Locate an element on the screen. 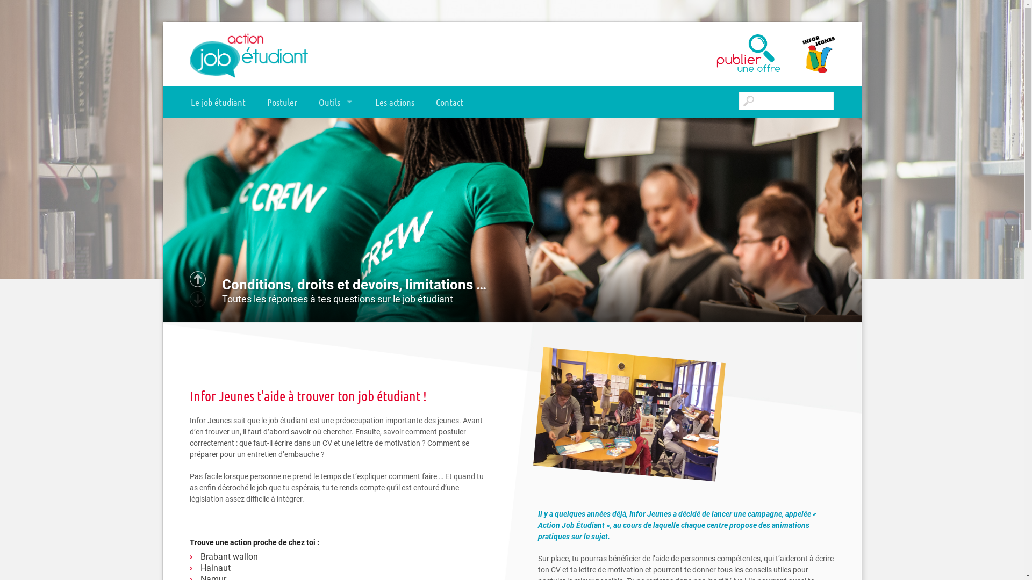 This screenshot has height=580, width=1032. 'Suivant' is located at coordinates (197, 279).